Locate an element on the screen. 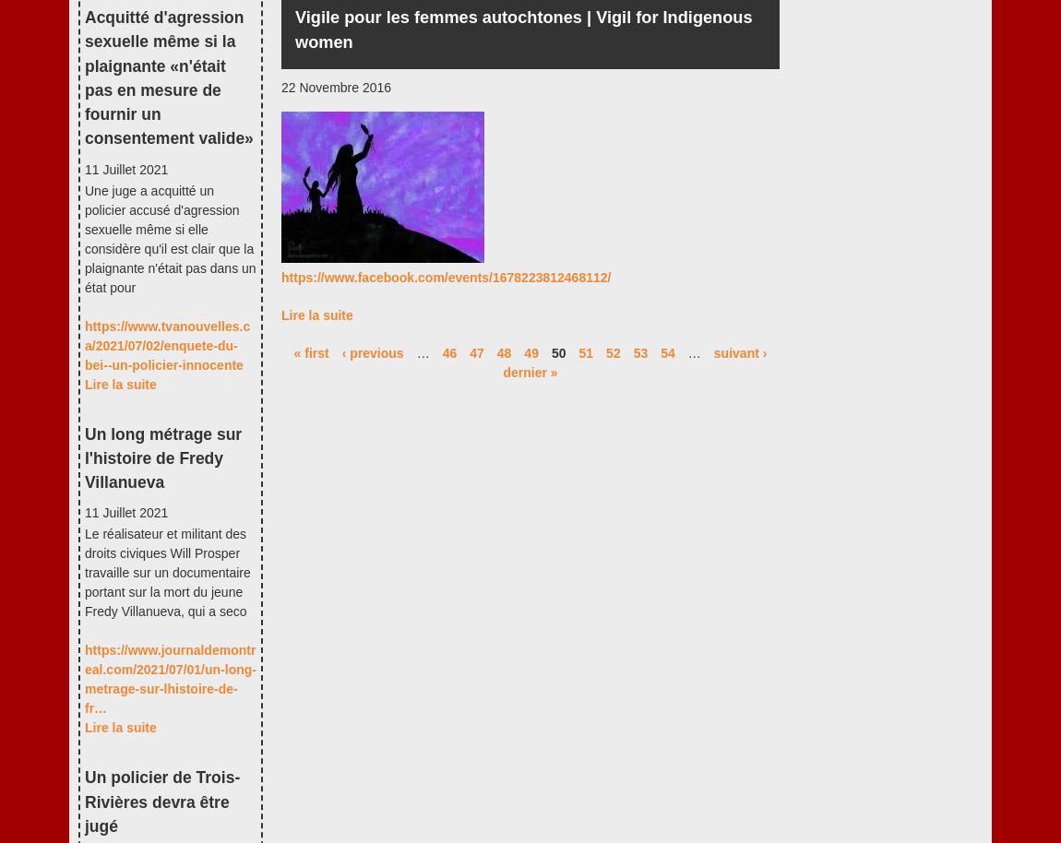 The image size is (1061, 843). 'Acquitté d'agression sexuelle même si la plaignante «n'était pas en mesure de fournir un consentement valide»' is located at coordinates (167, 77).